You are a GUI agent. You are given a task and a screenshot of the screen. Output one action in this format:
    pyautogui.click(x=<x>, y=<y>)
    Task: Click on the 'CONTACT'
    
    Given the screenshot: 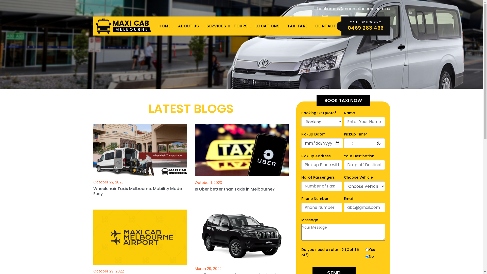 What is the action you would take?
    pyautogui.click(x=326, y=26)
    